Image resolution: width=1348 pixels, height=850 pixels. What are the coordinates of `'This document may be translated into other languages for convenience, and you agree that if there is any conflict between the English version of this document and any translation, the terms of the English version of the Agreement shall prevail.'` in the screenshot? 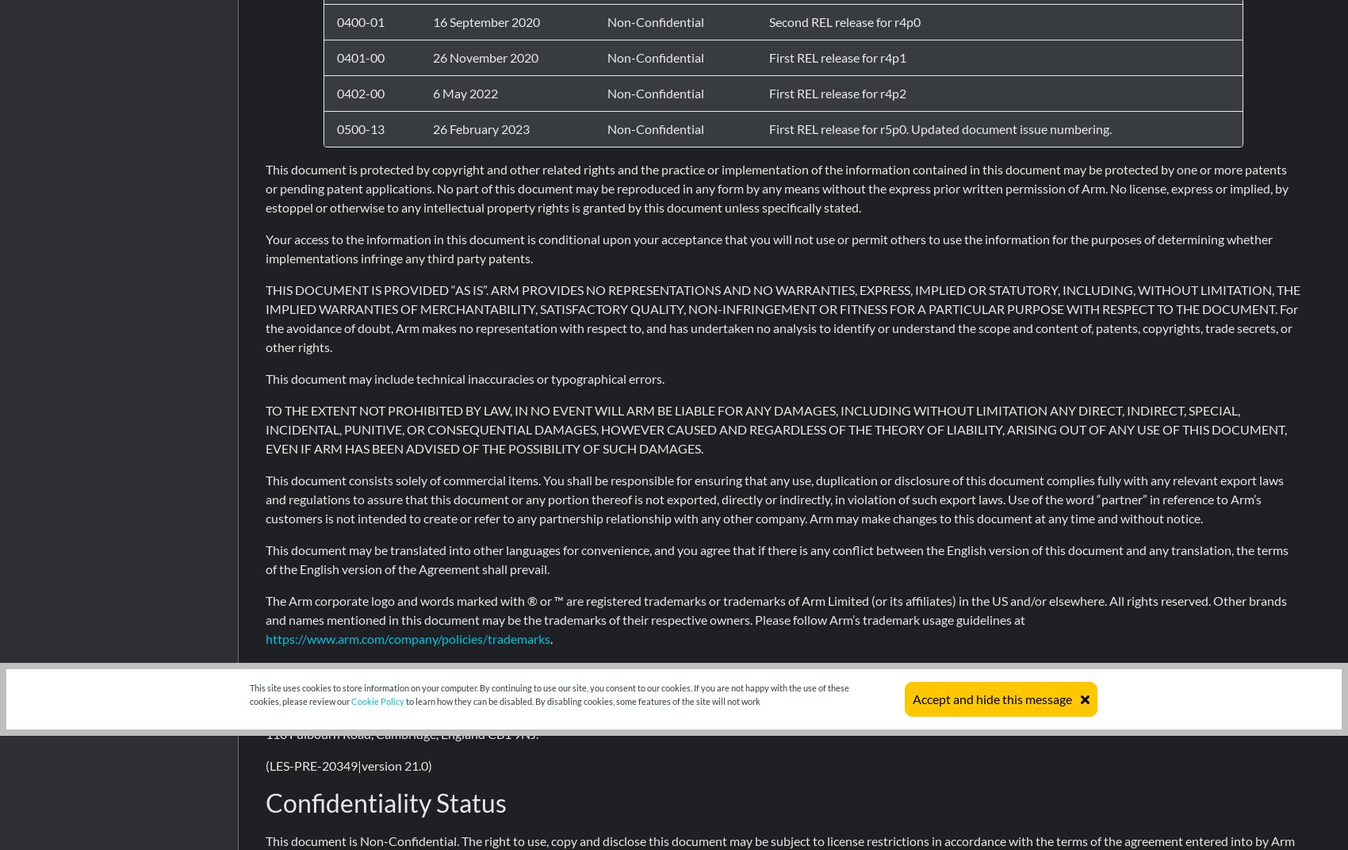 It's located at (265, 558).